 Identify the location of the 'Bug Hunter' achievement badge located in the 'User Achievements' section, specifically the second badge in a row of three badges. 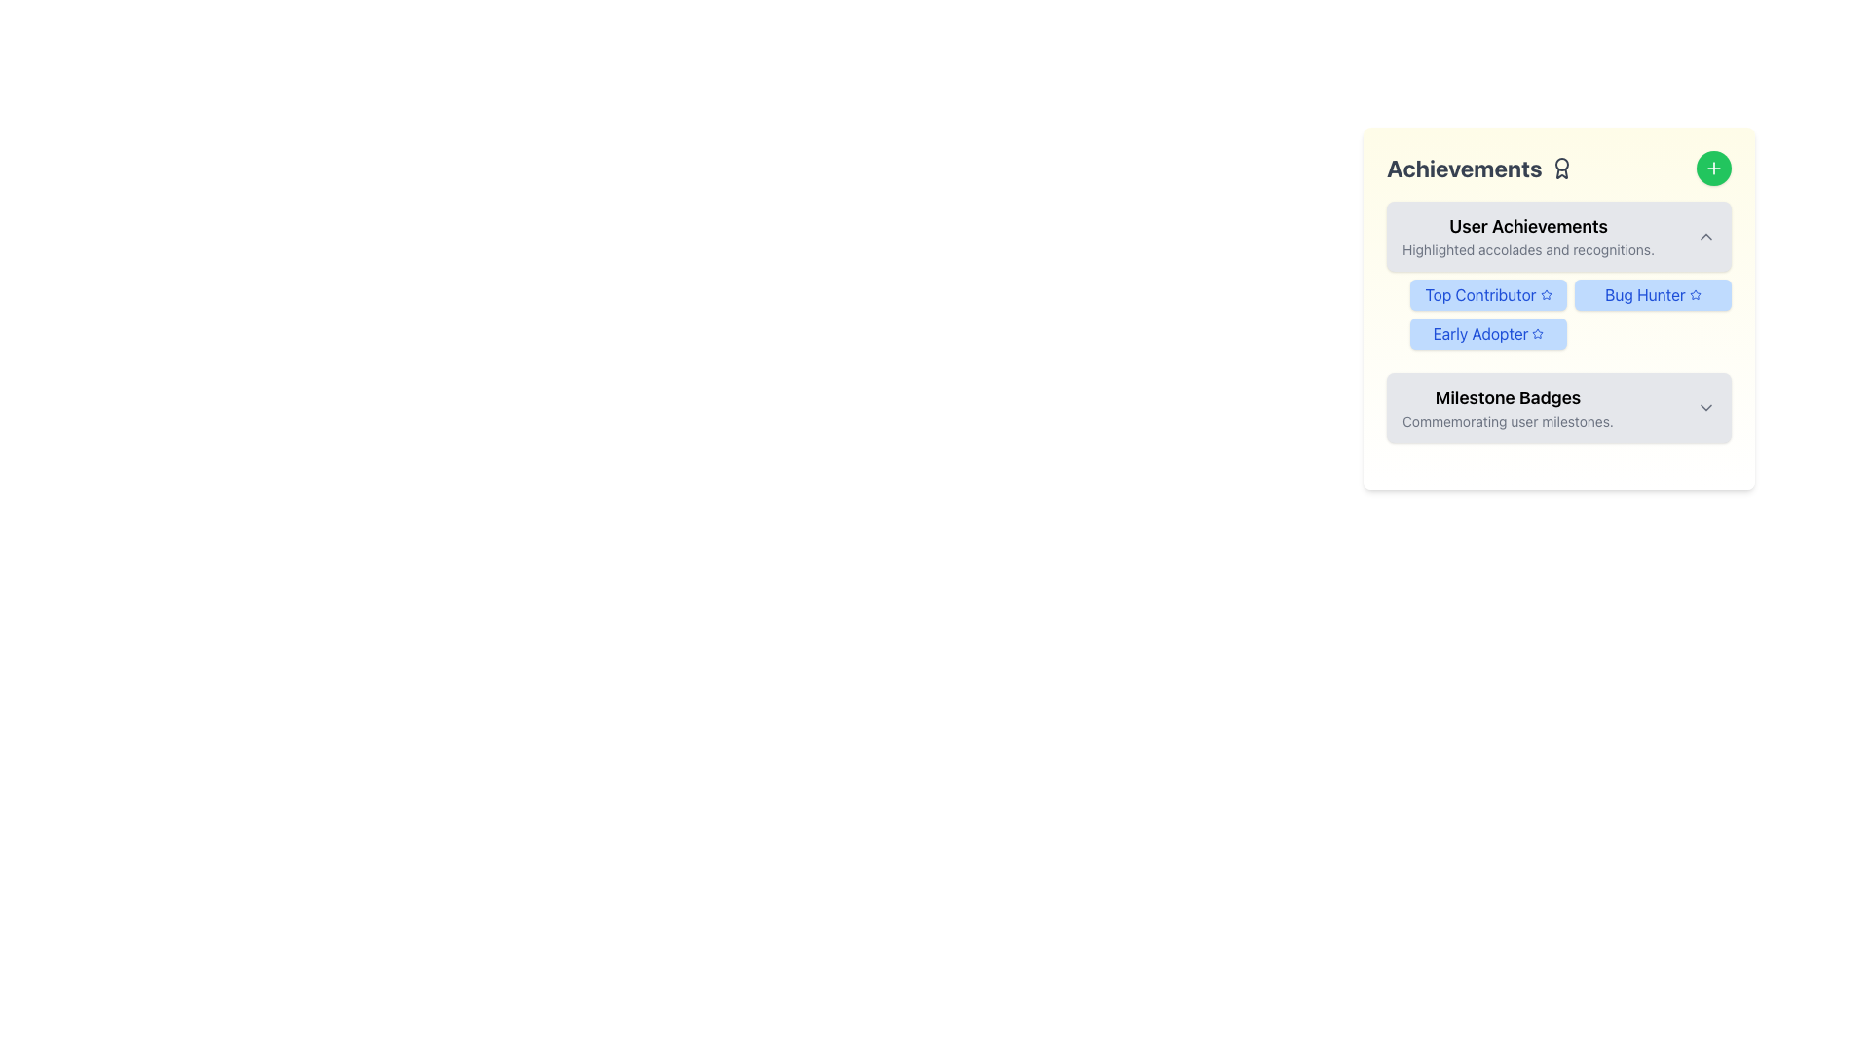
(1652, 295).